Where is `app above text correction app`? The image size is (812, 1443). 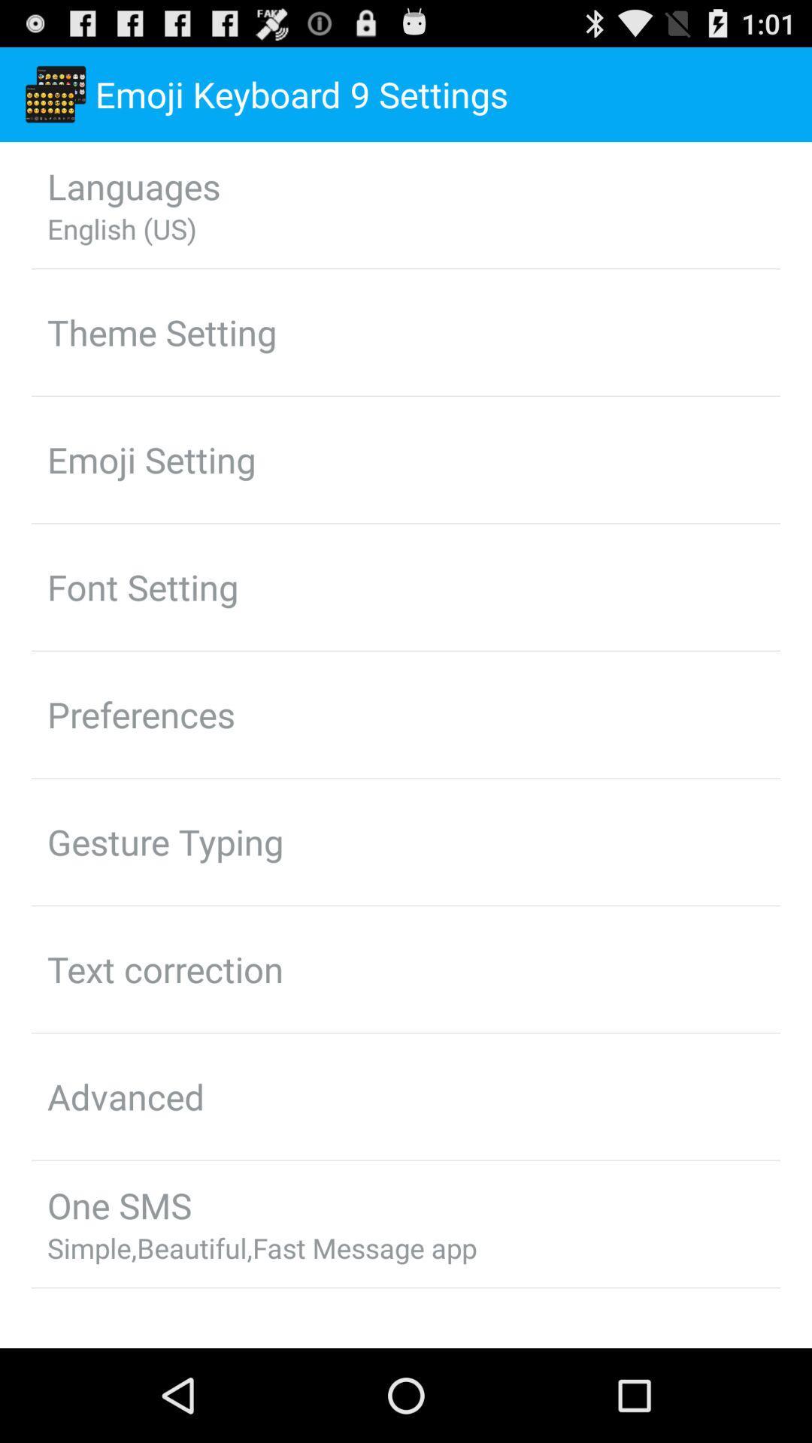 app above text correction app is located at coordinates (165, 842).